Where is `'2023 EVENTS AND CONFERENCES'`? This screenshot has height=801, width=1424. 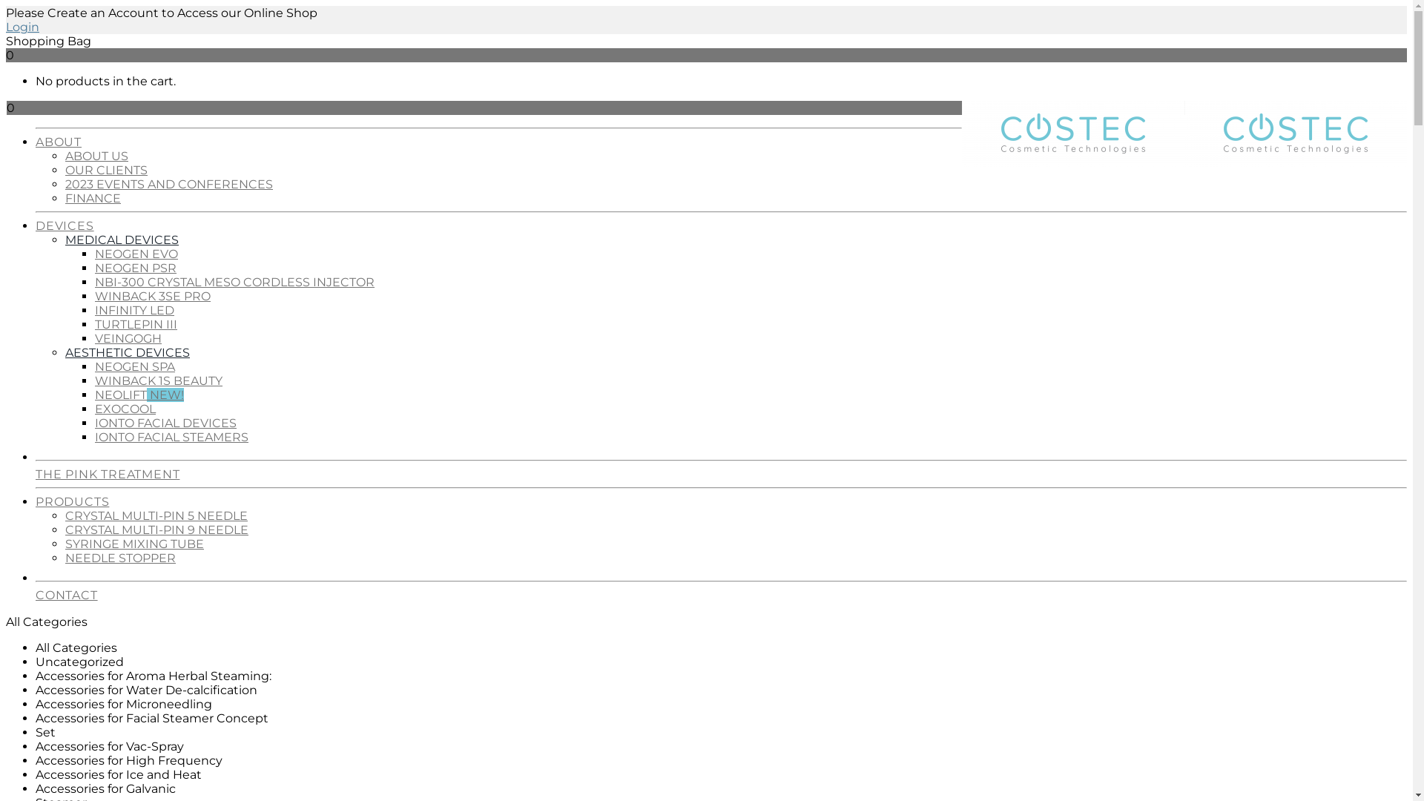
'2023 EVENTS AND CONFERENCES' is located at coordinates (169, 183).